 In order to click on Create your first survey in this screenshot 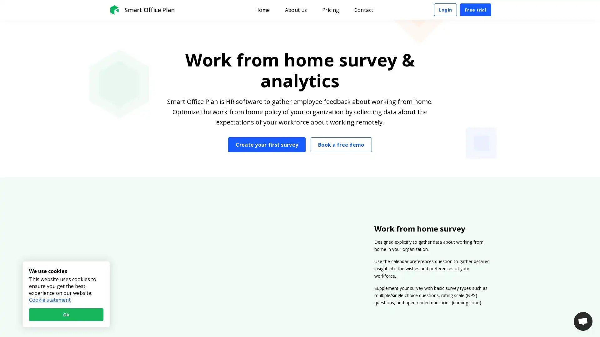, I will do `click(267, 144)`.